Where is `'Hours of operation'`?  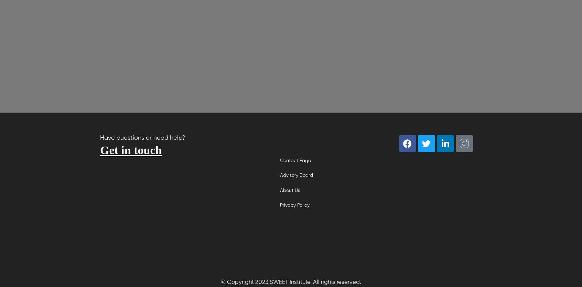
'Hours of operation' is located at coordinates (144, 229).